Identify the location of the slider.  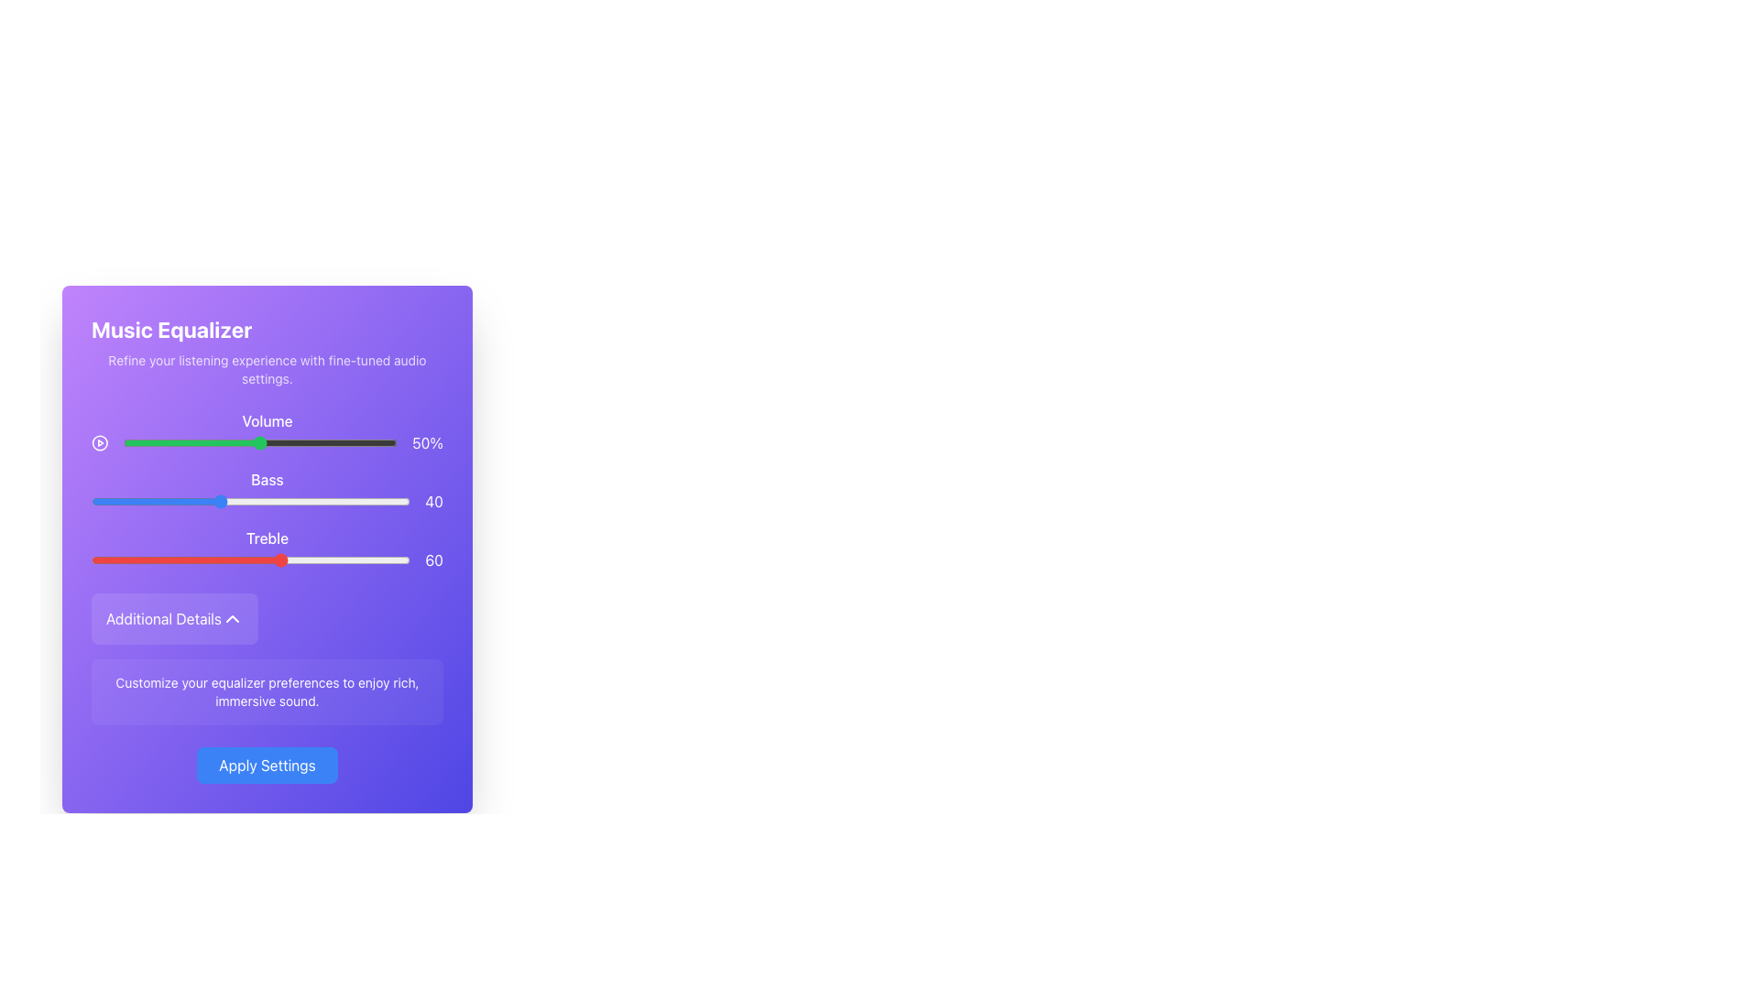
(153, 442).